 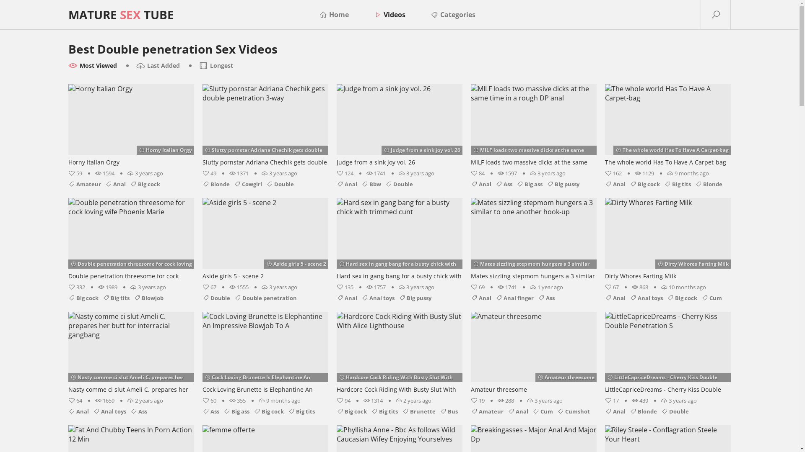 I want to click on 'Cum', so click(x=532, y=411).